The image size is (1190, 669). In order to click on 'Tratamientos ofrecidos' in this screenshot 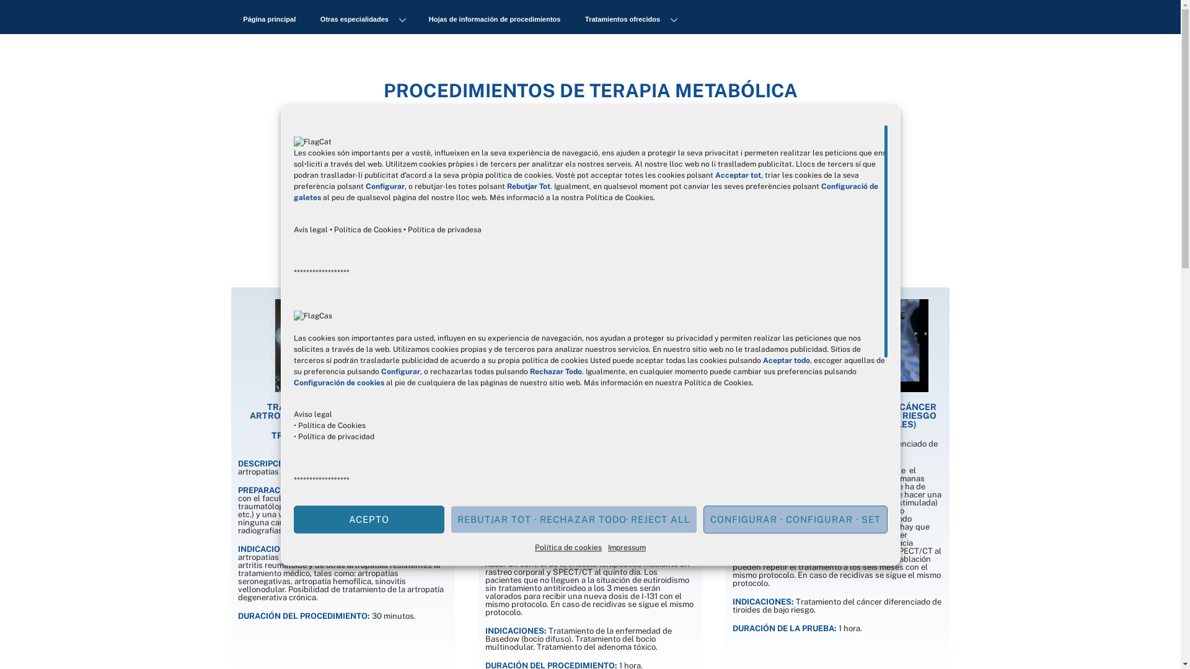, I will do `click(630, 19)`.